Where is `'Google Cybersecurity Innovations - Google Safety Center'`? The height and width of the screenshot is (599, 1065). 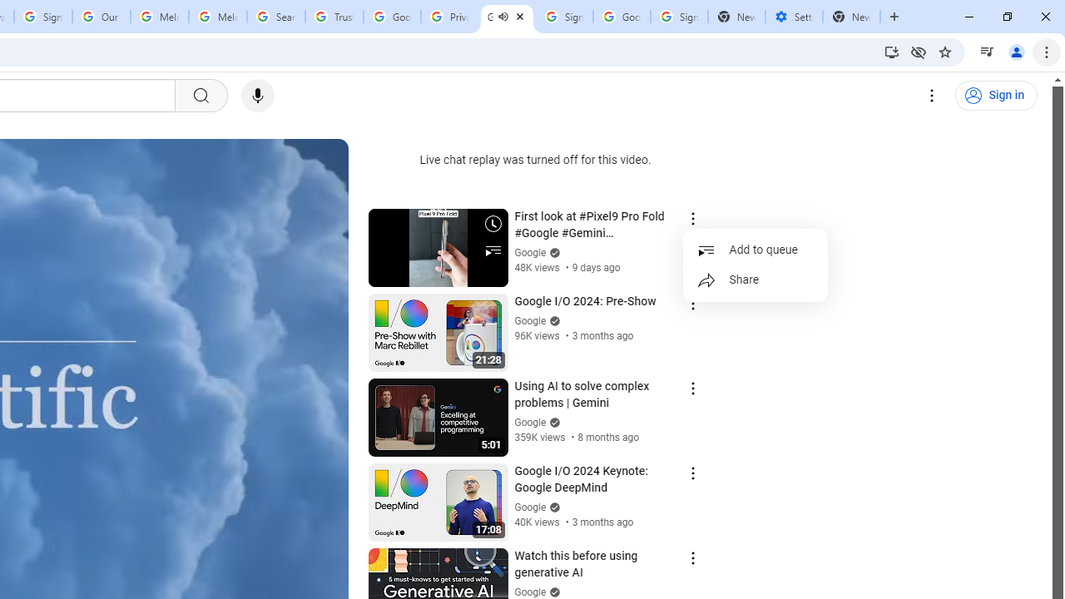 'Google Cybersecurity Innovations - Google Safety Center' is located at coordinates (621, 17).